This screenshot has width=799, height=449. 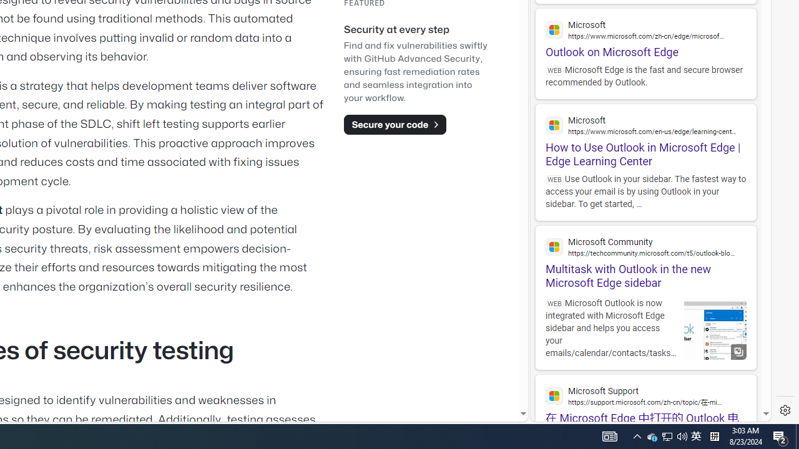 I want to click on 'Outlook on Microsoft Edge', so click(x=645, y=33).